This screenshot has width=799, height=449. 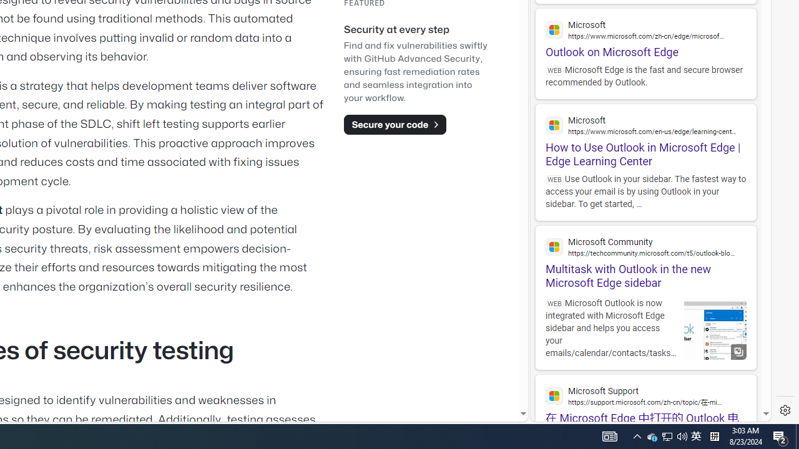 I want to click on 'Outlook on Microsoft Edge', so click(x=645, y=33).